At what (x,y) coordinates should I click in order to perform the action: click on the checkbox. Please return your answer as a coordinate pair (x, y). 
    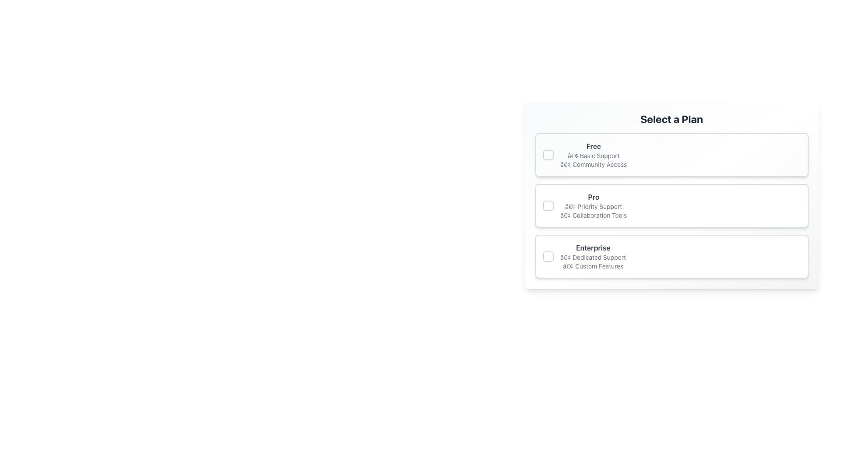
    Looking at the image, I should click on (548, 256).